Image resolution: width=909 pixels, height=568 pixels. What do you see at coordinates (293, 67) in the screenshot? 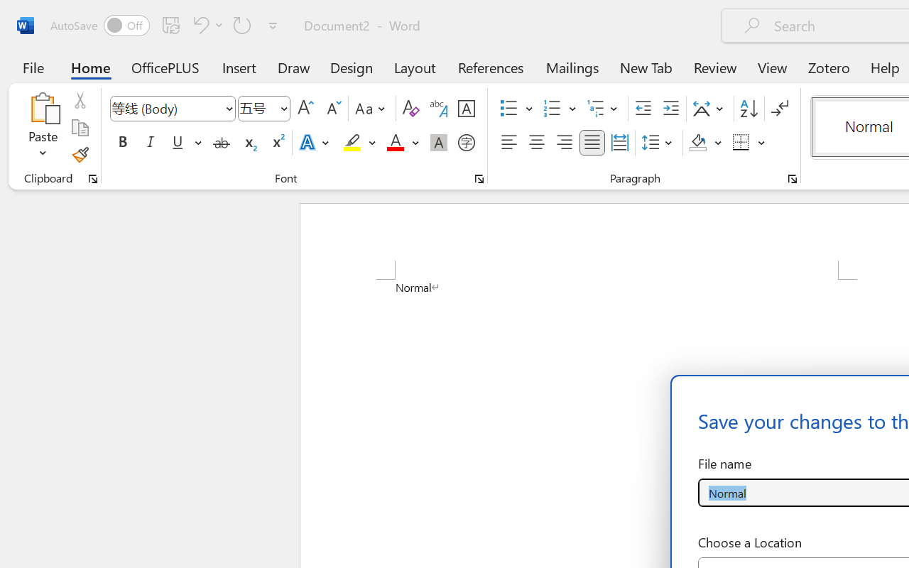
I see `'Draw'` at bounding box center [293, 67].